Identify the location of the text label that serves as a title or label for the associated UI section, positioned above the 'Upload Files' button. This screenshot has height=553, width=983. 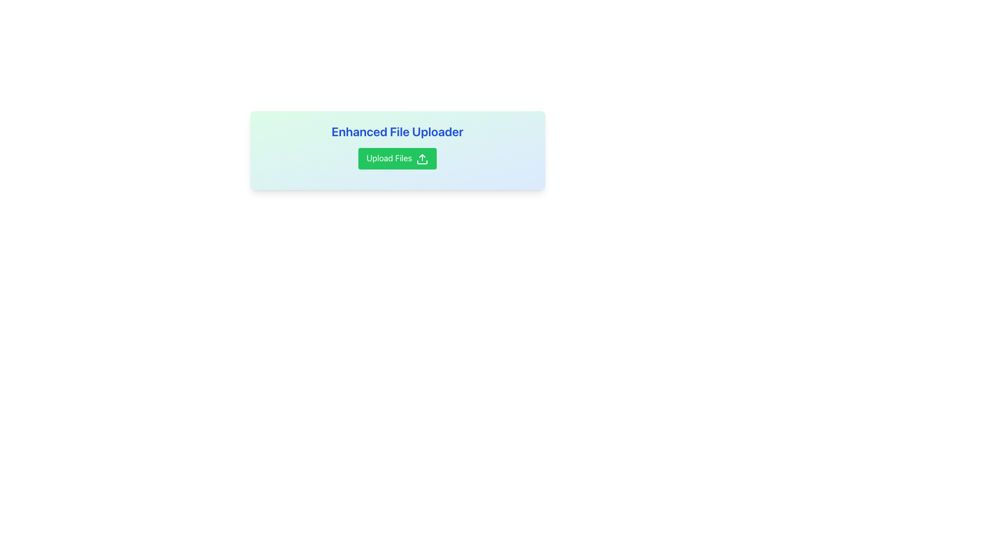
(397, 131).